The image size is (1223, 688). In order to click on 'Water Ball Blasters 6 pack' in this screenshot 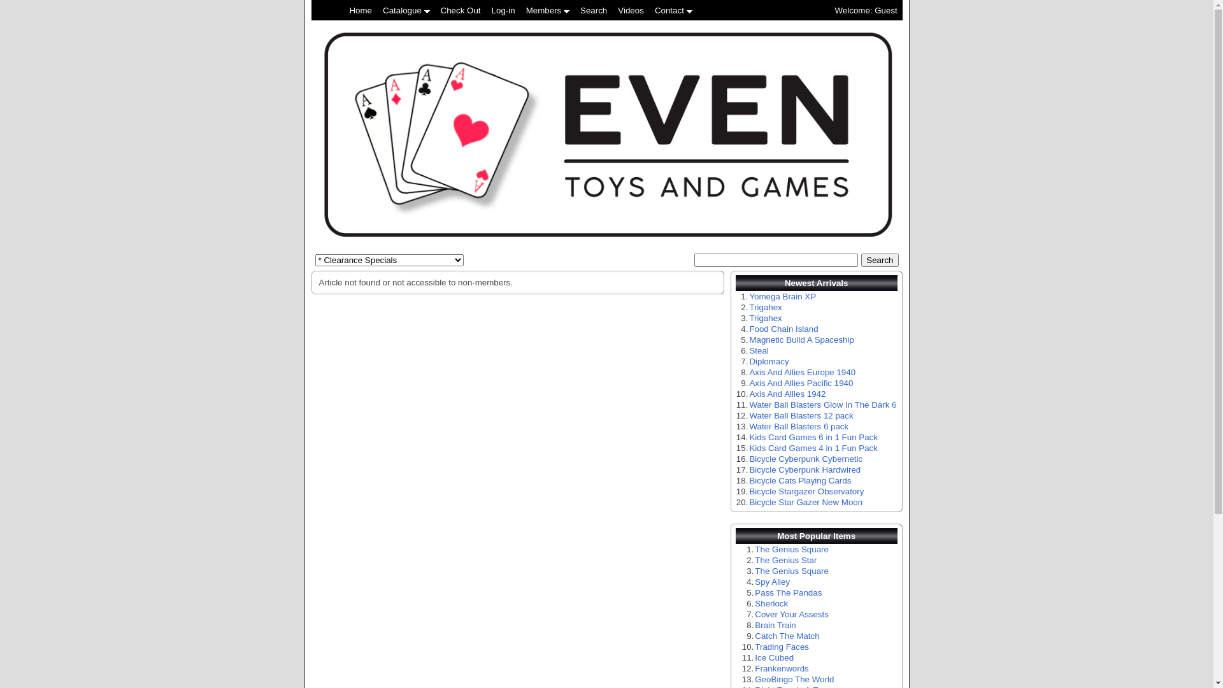, I will do `click(749, 426)`.